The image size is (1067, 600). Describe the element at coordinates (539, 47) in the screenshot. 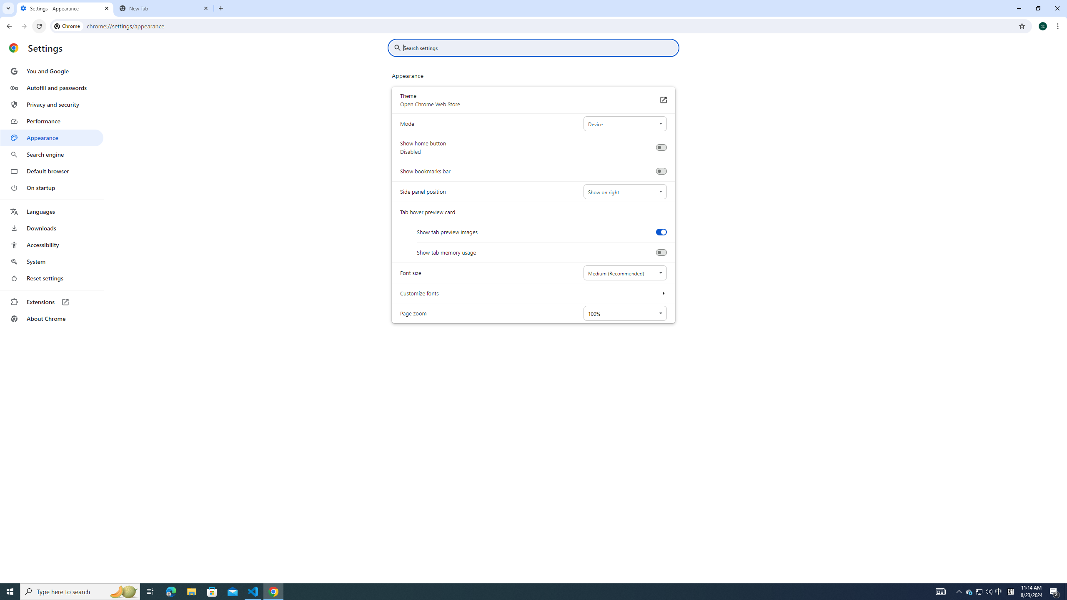

I see `'Search settings'` at that location.